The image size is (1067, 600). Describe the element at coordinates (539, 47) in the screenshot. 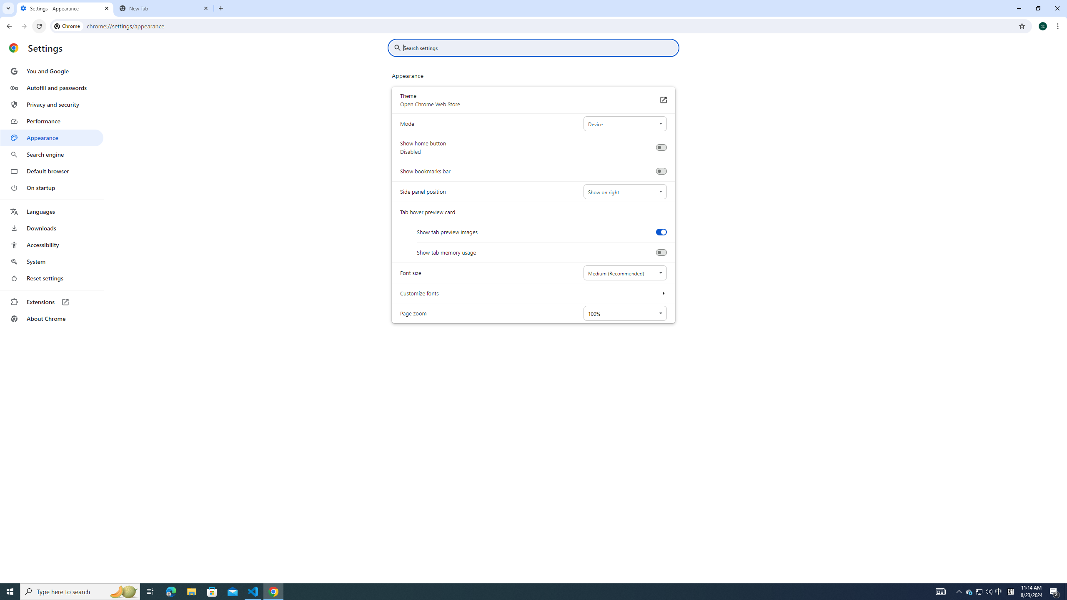

I see `'Search settings'` at that location.